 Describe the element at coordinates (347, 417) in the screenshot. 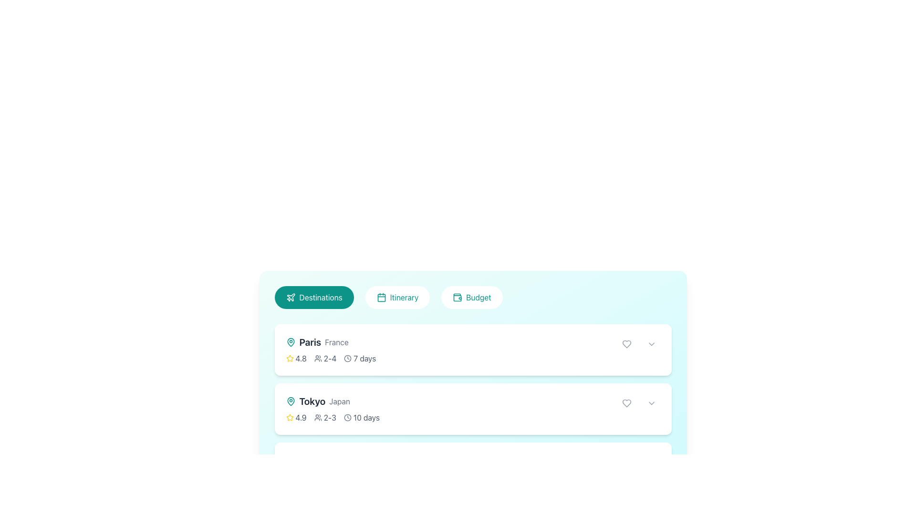

I see `the clock-like icon that indicates '10 days', positioned to the left of the text within the travel section for 'Tokyo, Japan'` at that location.